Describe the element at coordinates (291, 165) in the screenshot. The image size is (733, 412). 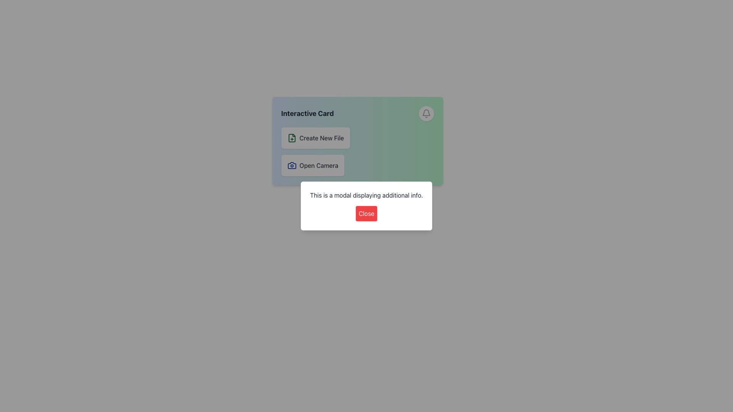
I see `the camera icon located to the left of the 'Open Camera' button in the interactive card interface` at that location.